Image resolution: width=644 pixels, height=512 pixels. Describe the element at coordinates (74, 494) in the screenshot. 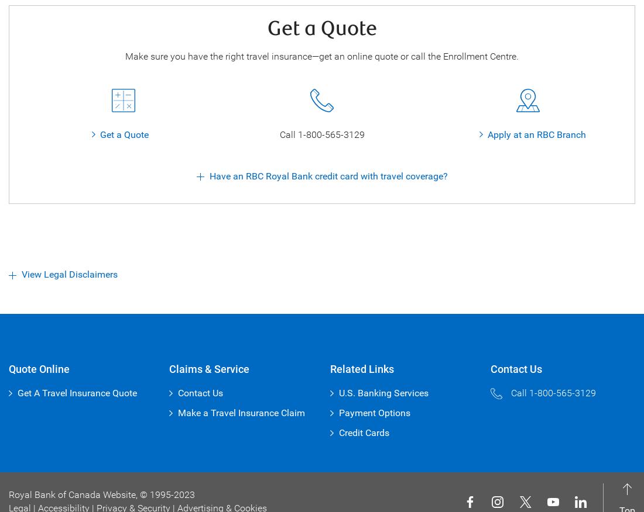

I see `'Royal Bank of Canada Website,'` at that location.